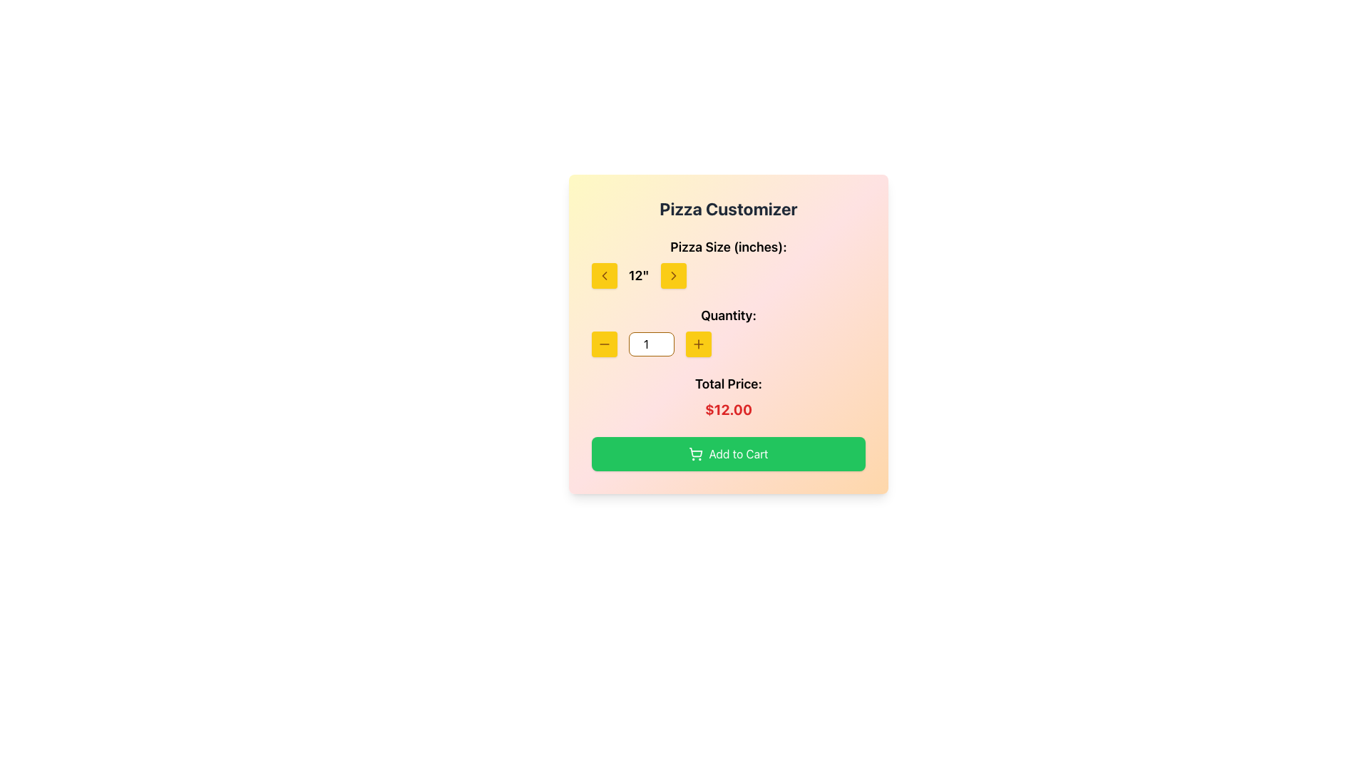 Image resolution: width=1369 pixels, height=770 pixels. What do you see at coordinates (729, 247) in the screenshot?
I see `the Text Label that indicates the pizza size selection section, located below the title 'Pizza Customizer'` at bounding box center [729, 247].